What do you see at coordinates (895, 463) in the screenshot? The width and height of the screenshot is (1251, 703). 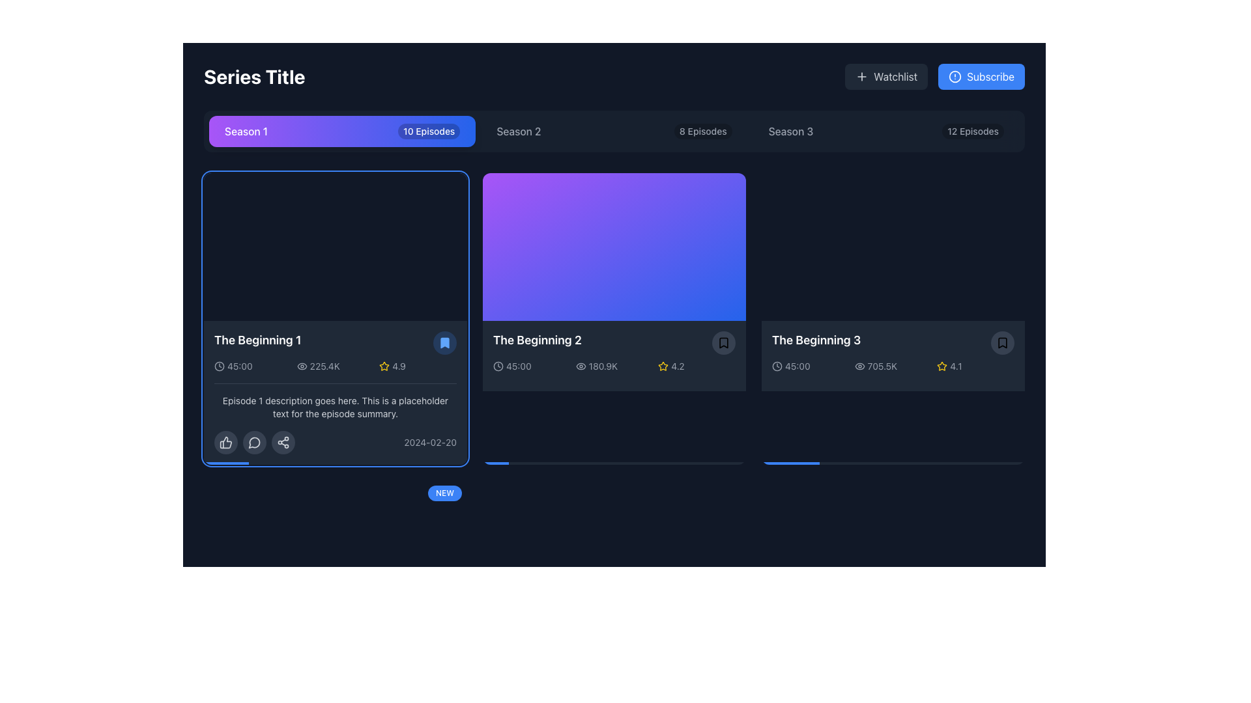 I see `progress level` at bounding box center [895, 463].